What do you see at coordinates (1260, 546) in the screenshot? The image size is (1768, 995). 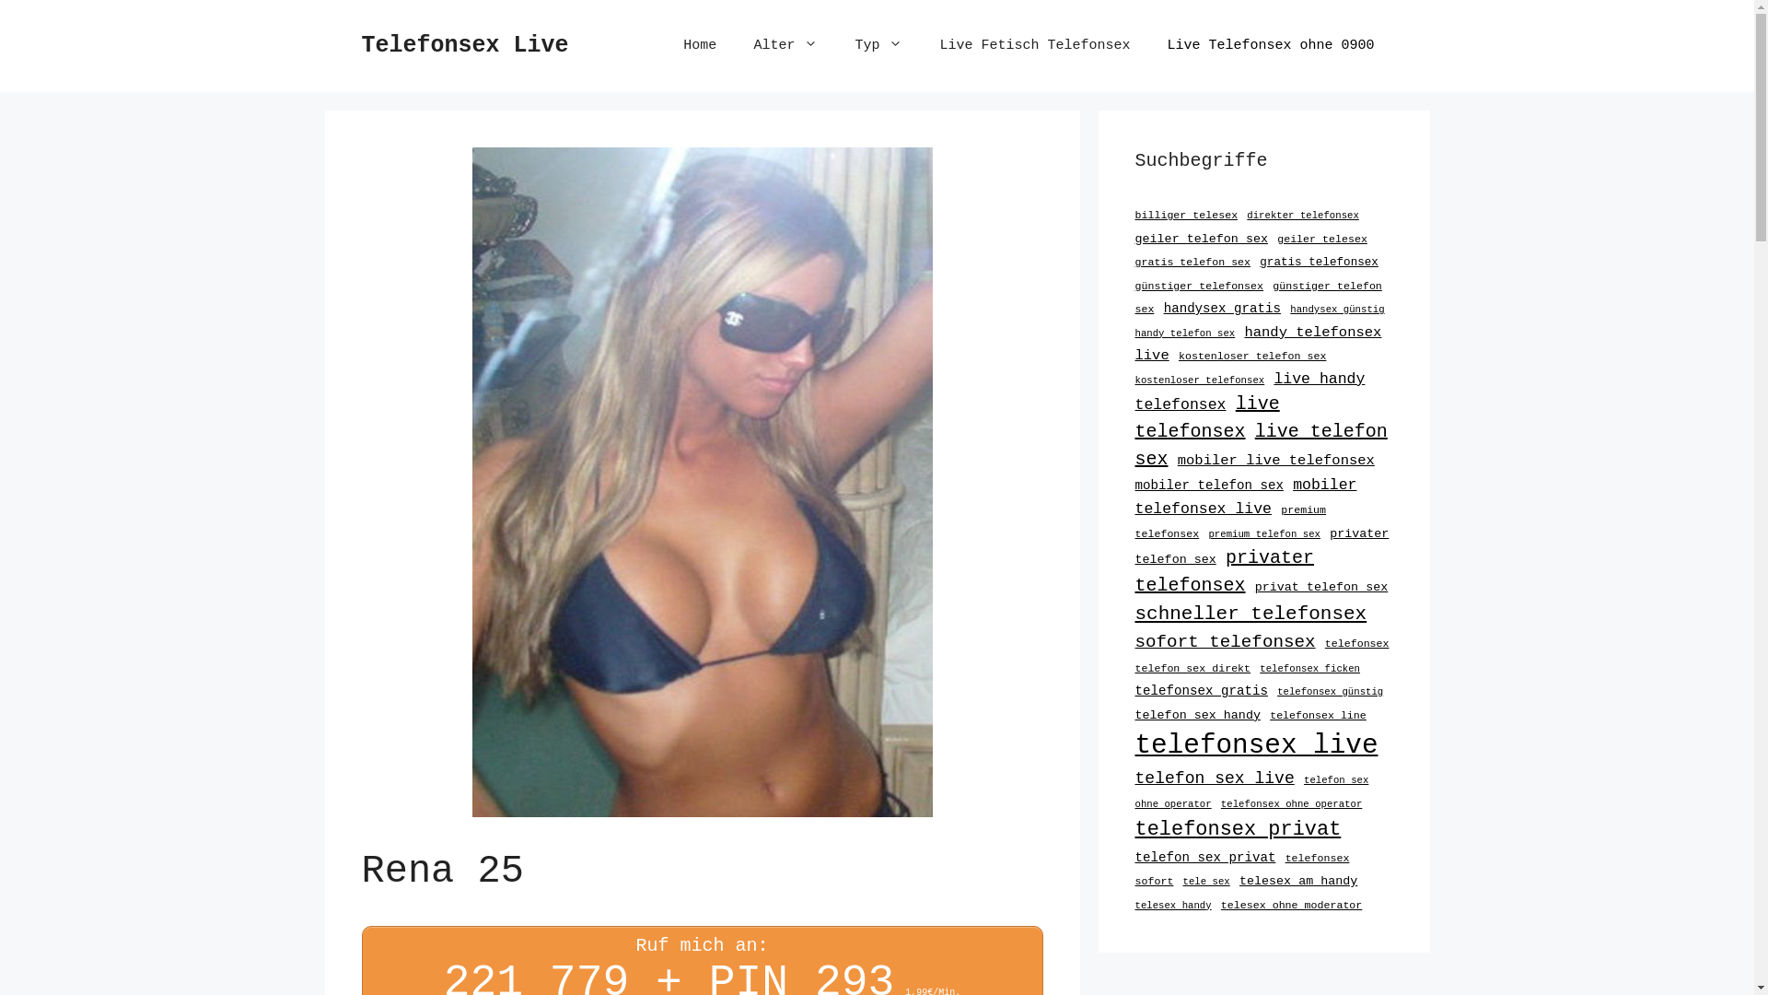 I see `'privater telefon sex'` at bounding box center [1260, 546].